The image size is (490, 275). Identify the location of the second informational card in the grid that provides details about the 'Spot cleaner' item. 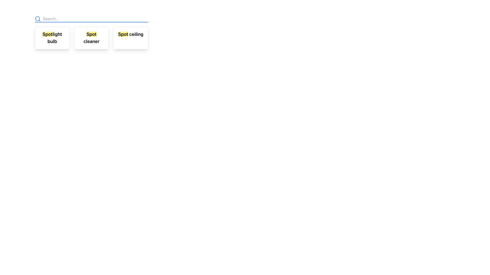
(91, 38).